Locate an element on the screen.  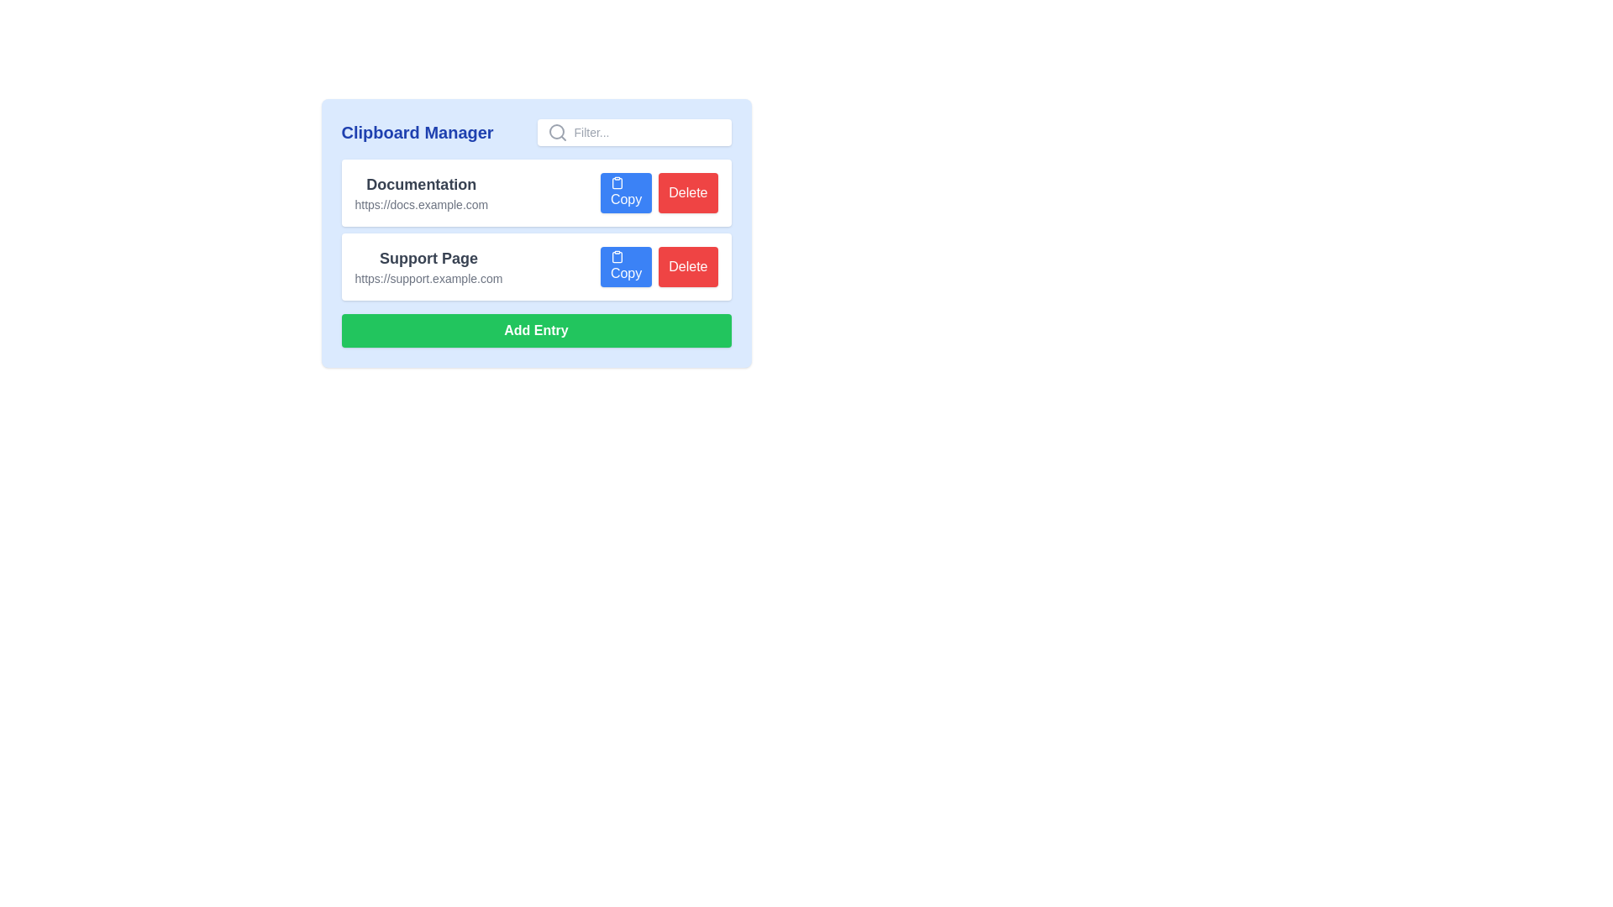
the static text displaying the URL 'https://support.example.com' located beneath the heading 'Support Page' is located at coordinates (428, 277).